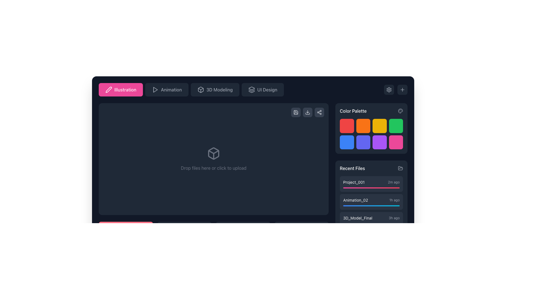 The width and height of the screenshot is (537, 302). I want to click on the list item representing 'Project_001' in the 'Recent Files' section, so click(371, 182).